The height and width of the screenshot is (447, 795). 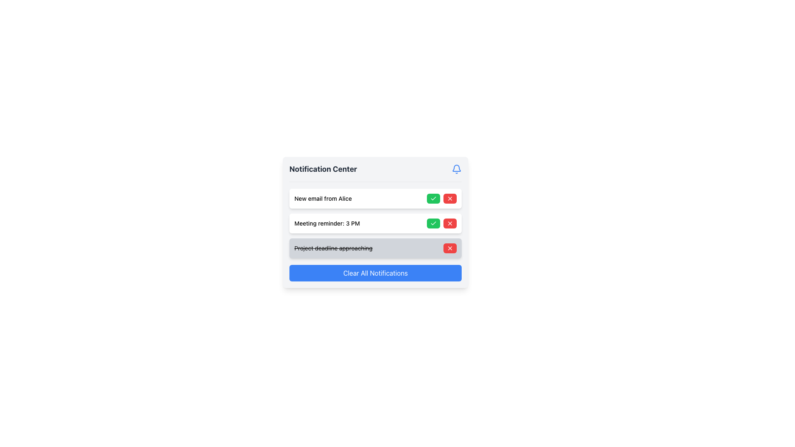 What do you see at coordinates (449, 248) in the screenshot?
I see `the dismiss button located in the notification row that reads 'Project deadline approaching'` at bounding box center [449, 248].